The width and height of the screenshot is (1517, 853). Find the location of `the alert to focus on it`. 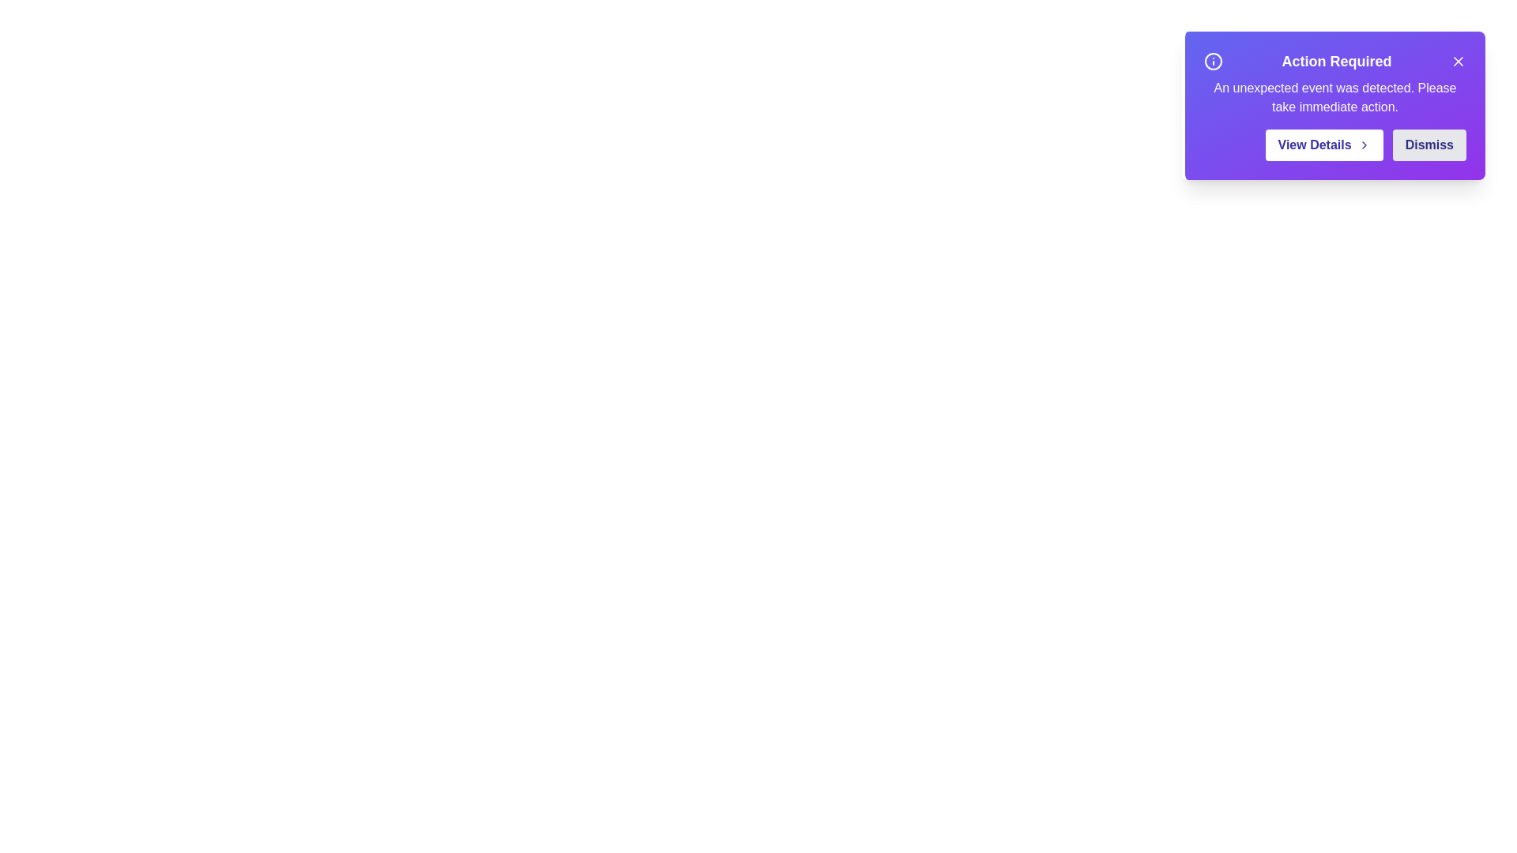

the alert to focus on it is located at coordinates (1333, 106).